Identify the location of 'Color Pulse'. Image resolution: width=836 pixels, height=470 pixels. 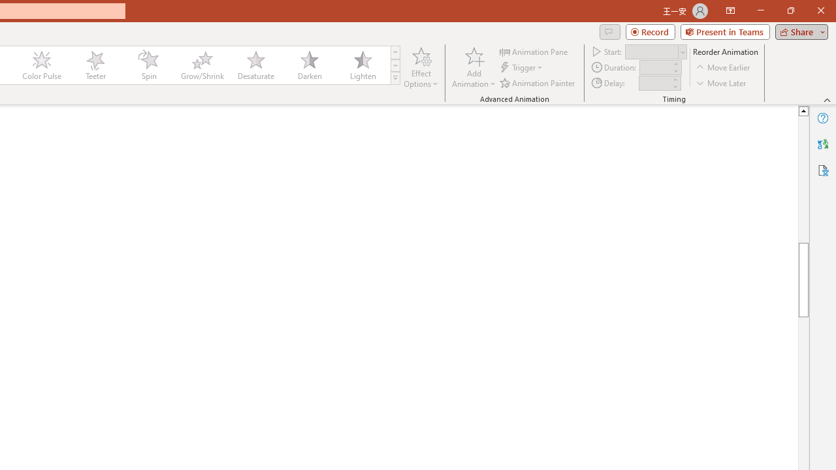
(42, 65).